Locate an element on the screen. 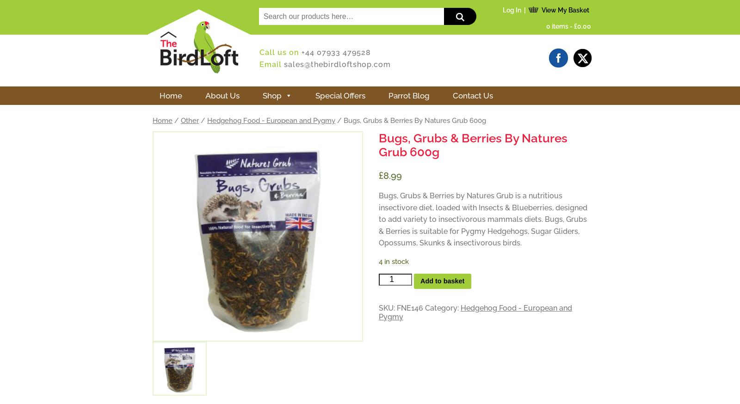  'Nest Pans/Nesting Materials' is located at coordinates (362, 182).